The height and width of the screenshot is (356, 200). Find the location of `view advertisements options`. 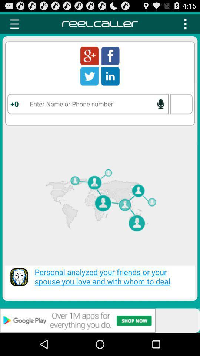

view advertisements options is located at coordinates (100, 320).